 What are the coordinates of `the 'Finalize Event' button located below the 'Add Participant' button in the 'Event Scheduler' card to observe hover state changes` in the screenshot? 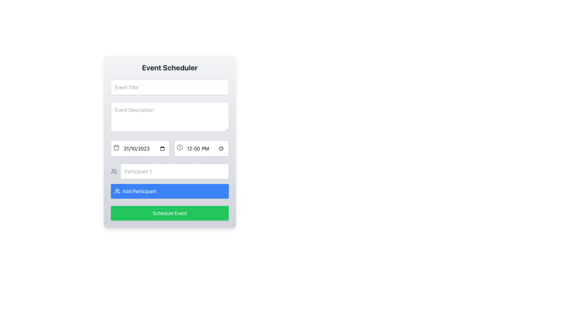 It's located at (170, 213).